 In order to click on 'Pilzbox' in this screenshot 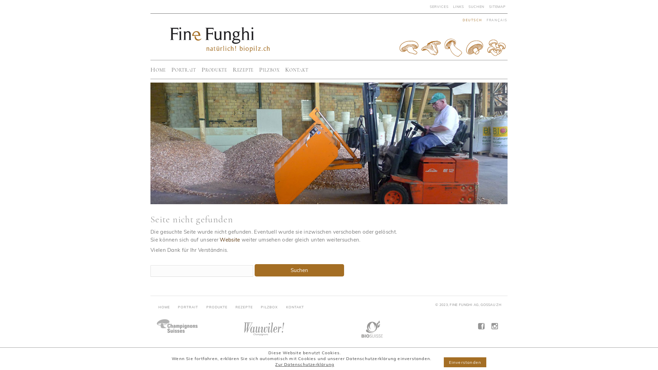, I will do `click(258, 70)`.